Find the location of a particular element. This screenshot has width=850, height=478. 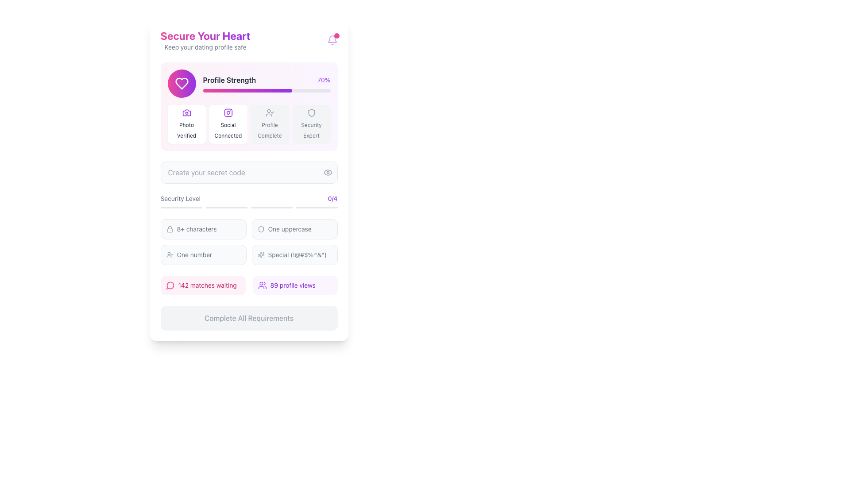

the informational box containing the text 'Special (!@#$%^&*)' with a light gray border and a sparkle icon, located in the lower-right corner of the grid under the 'Security Level' label is located at coordinates (294, 254).